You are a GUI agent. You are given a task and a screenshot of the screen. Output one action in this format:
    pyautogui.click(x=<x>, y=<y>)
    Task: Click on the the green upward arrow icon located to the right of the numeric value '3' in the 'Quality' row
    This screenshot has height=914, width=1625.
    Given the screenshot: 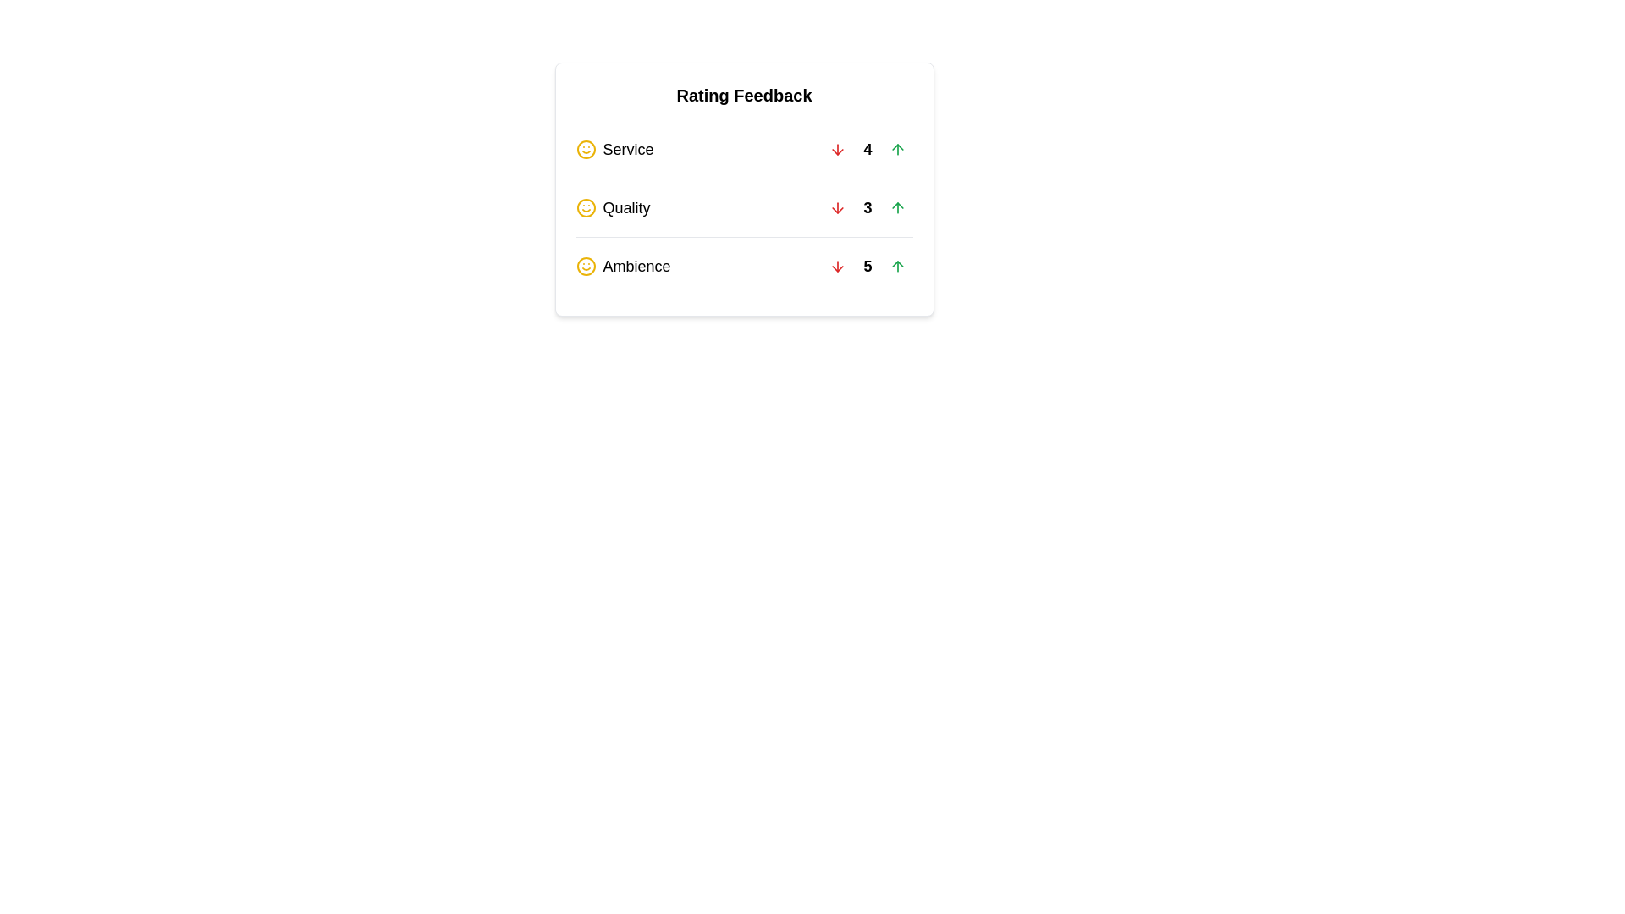 What is the action you would take?
    pyautogui.click(x=896, y=207)
    